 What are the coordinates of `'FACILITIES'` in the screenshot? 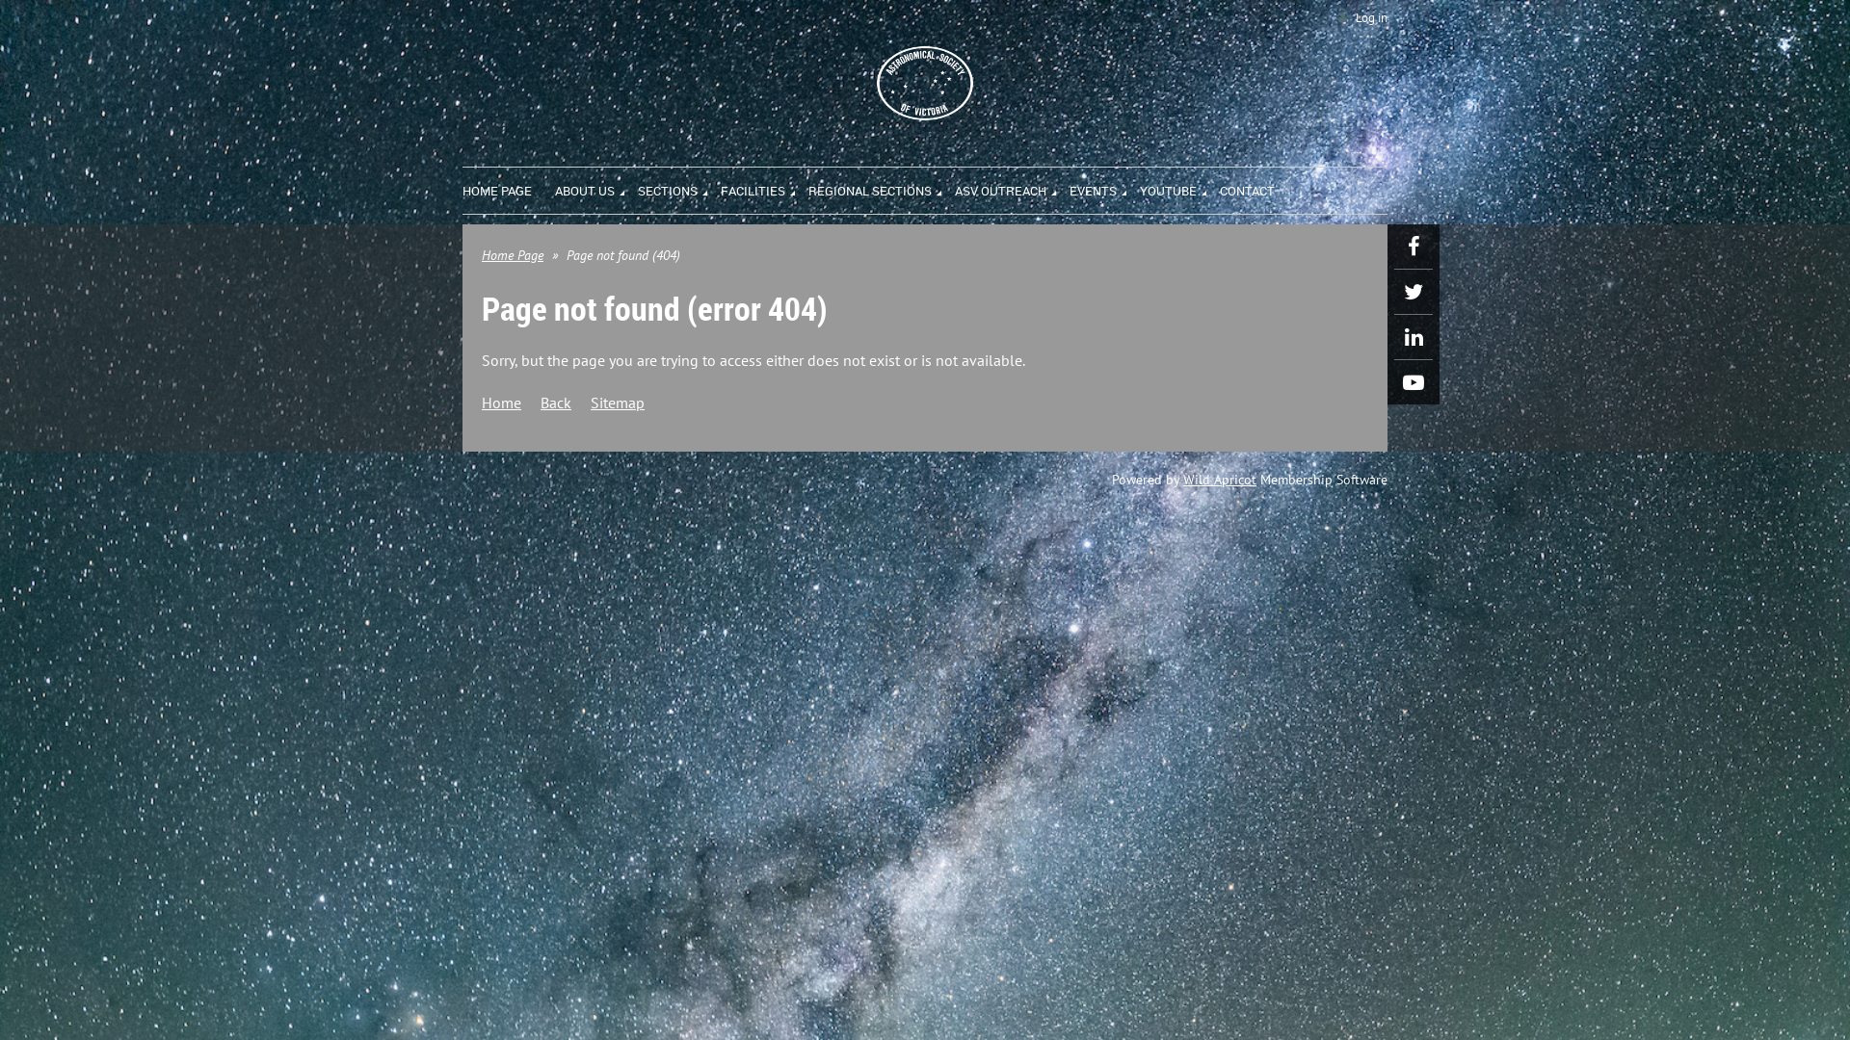 It's located at (763, 188).